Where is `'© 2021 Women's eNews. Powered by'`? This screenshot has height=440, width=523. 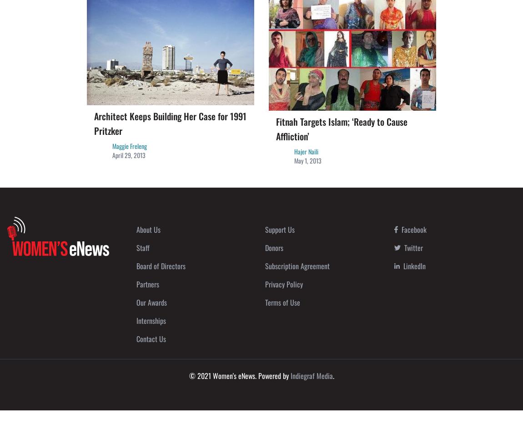 '© 2021 Women's eNews. Powered by' is located at coordinates (239, 375).